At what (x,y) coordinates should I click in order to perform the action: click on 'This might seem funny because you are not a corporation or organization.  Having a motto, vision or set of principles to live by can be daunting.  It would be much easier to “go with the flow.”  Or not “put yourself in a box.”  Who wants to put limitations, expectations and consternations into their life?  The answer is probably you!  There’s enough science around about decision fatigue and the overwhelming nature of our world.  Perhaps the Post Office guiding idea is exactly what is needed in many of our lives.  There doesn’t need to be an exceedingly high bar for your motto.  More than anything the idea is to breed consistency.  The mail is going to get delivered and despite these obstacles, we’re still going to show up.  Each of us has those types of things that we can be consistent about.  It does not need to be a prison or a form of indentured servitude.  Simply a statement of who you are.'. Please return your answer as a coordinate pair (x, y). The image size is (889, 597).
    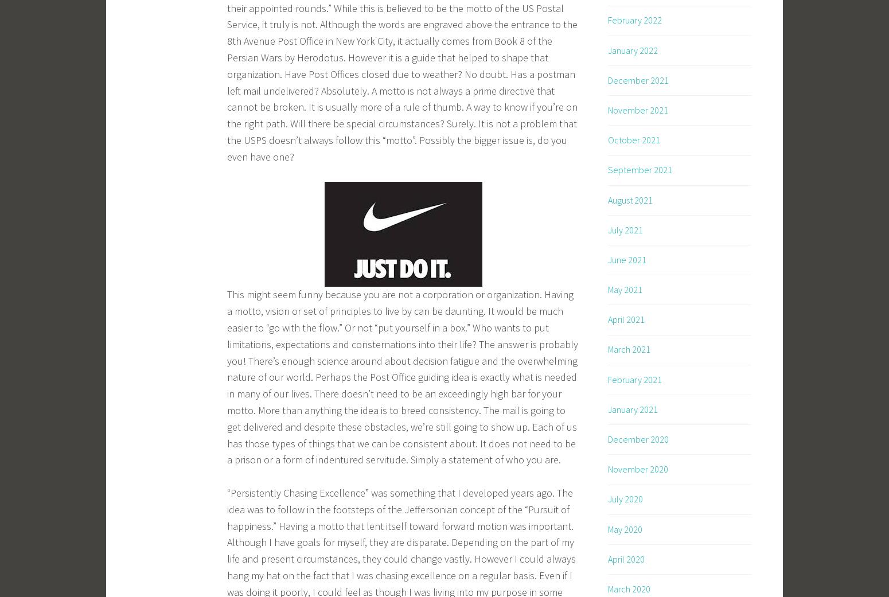
    Looking at the image, I should click on (402, 376).